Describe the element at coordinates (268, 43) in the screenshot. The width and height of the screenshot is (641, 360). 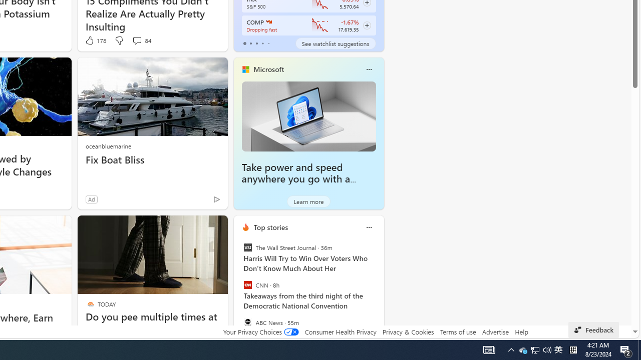
I see `'tab-4'` at that location.